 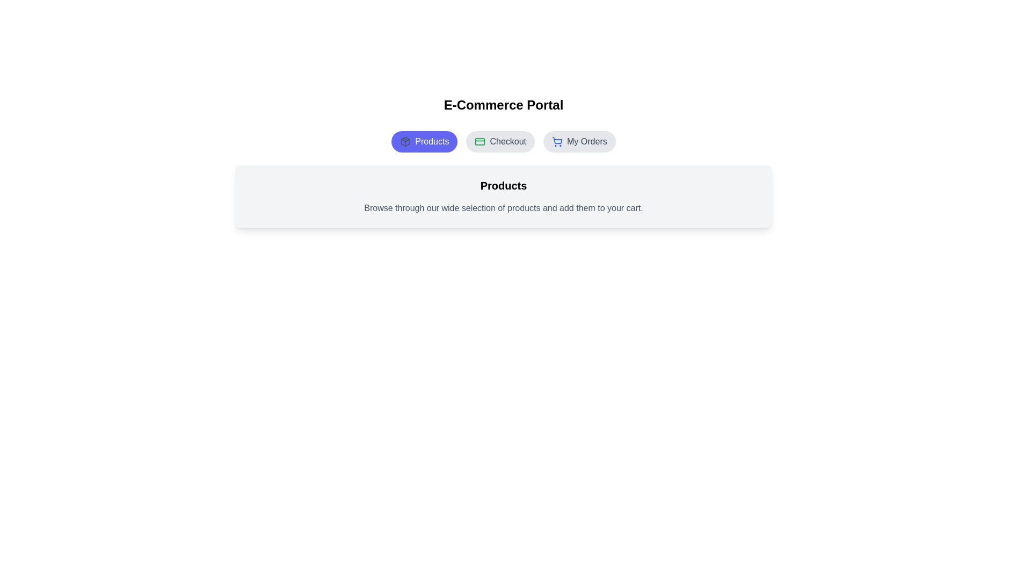 I want to click on the Products tab to view its content, so click(x=424, y=141).